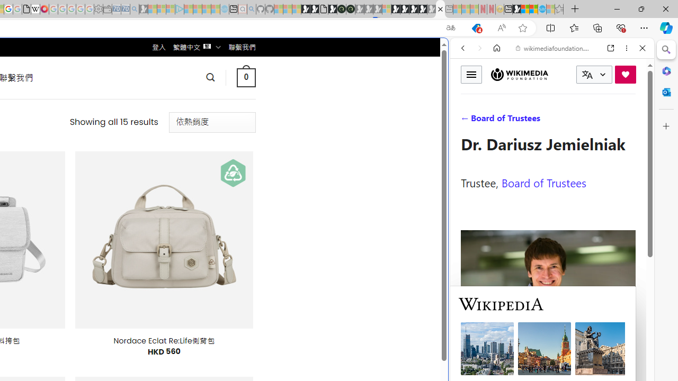 The width and height of the screenshot is (678, 381). I want to click on 'Search Filter, WEB', so click(467, 120).